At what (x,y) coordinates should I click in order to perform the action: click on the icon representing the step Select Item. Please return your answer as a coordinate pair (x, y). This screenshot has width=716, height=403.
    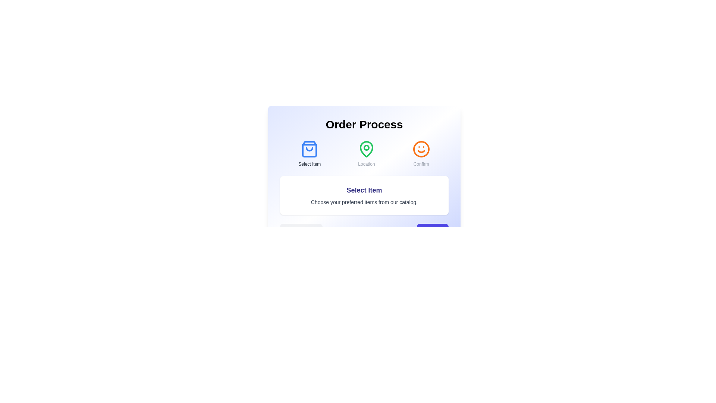
    Looking at the image, I should click on (310, 149).